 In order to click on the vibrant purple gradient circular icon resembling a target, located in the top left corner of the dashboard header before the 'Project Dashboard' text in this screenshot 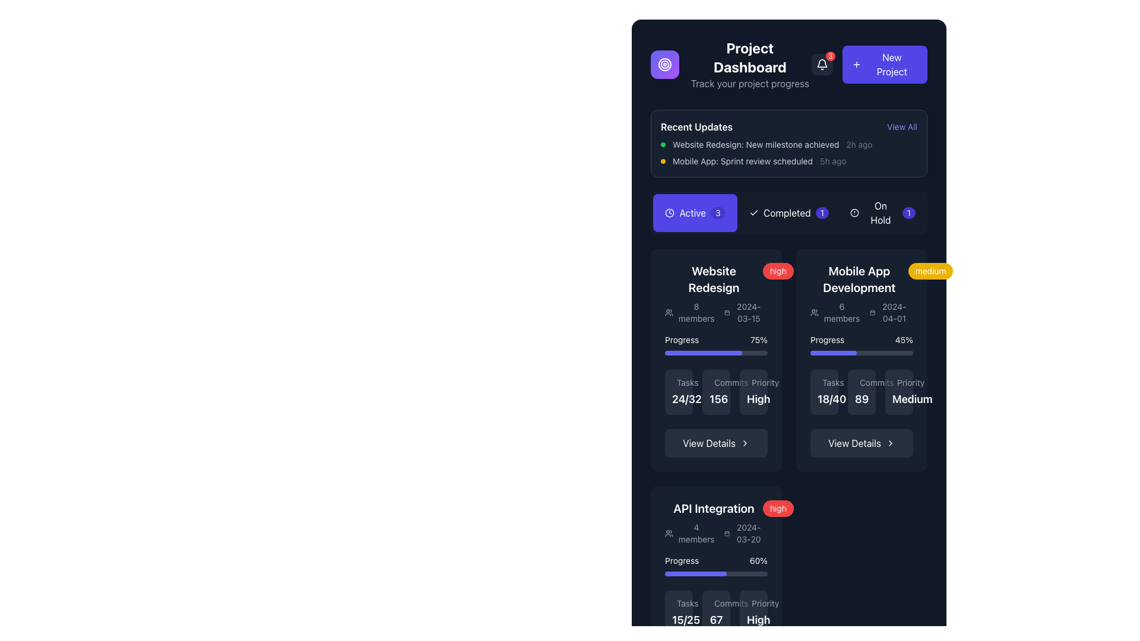, I will do `click(664, 64)`.